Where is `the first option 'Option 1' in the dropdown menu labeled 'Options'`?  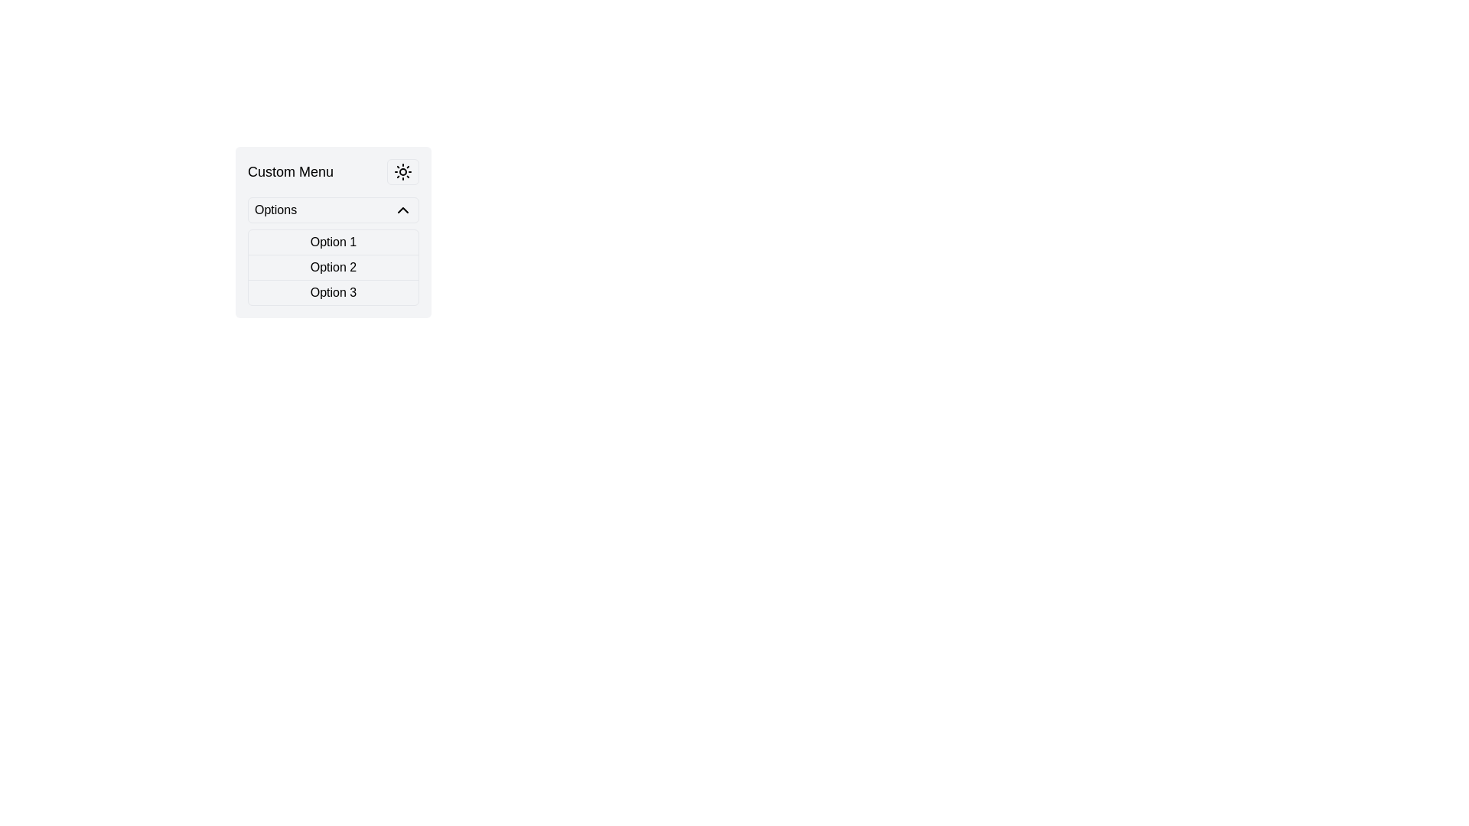 the first option 'Option 1' in the dropdown menu labeled 'Options' is located at coordinates (333, 242).